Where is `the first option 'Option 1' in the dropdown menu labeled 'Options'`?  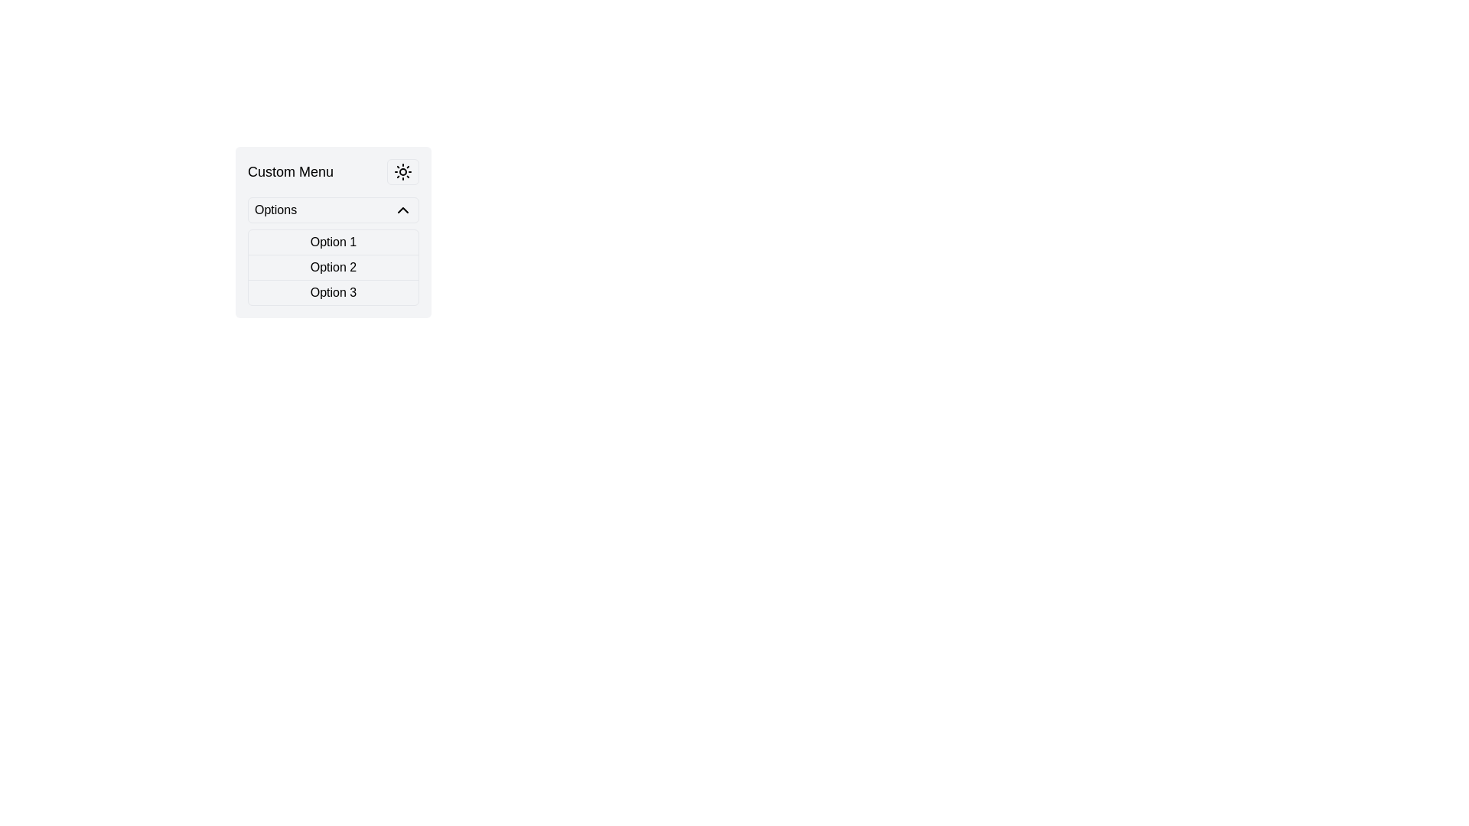 the first option 'Option 1' in the dropdown menu labeled 'Options' is located at coordinates (333, 242).